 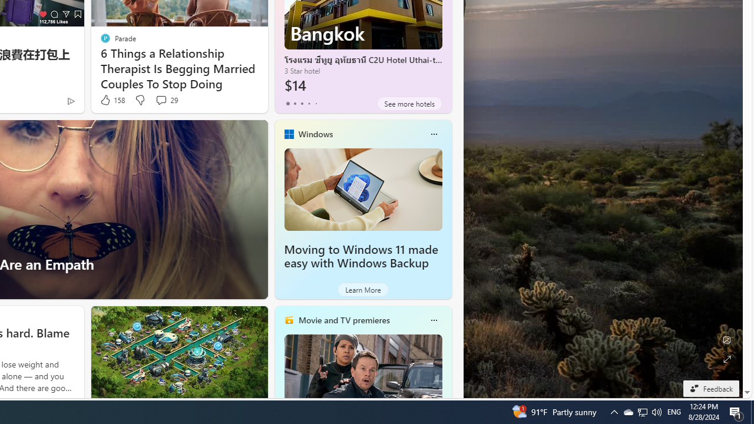 I want to click on 'tab-3', so click(x=309, y=103).